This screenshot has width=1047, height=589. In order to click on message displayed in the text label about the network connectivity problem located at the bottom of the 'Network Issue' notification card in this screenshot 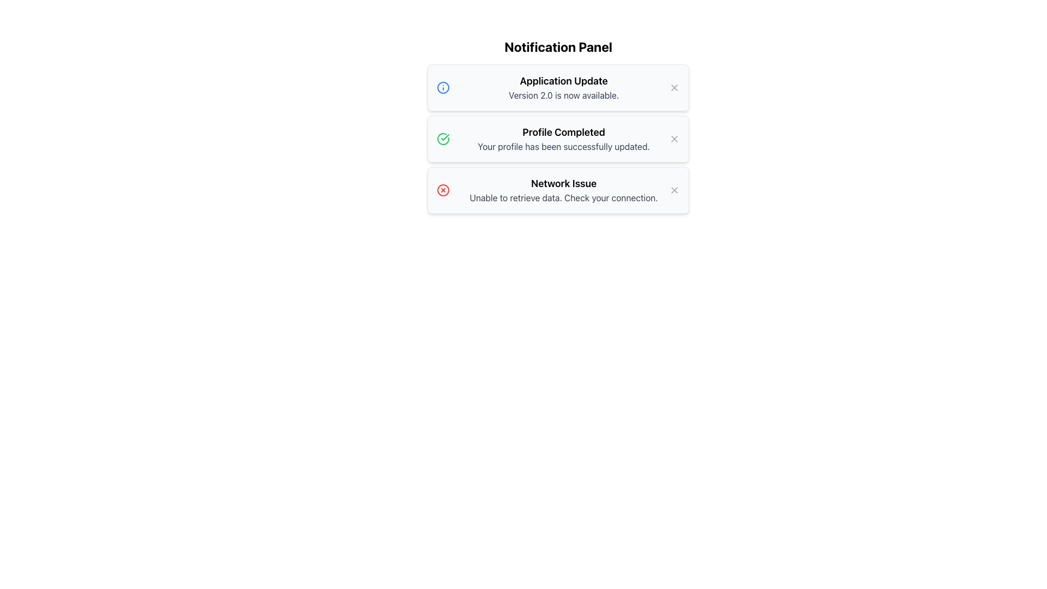, I will do `click(563, 197)`.